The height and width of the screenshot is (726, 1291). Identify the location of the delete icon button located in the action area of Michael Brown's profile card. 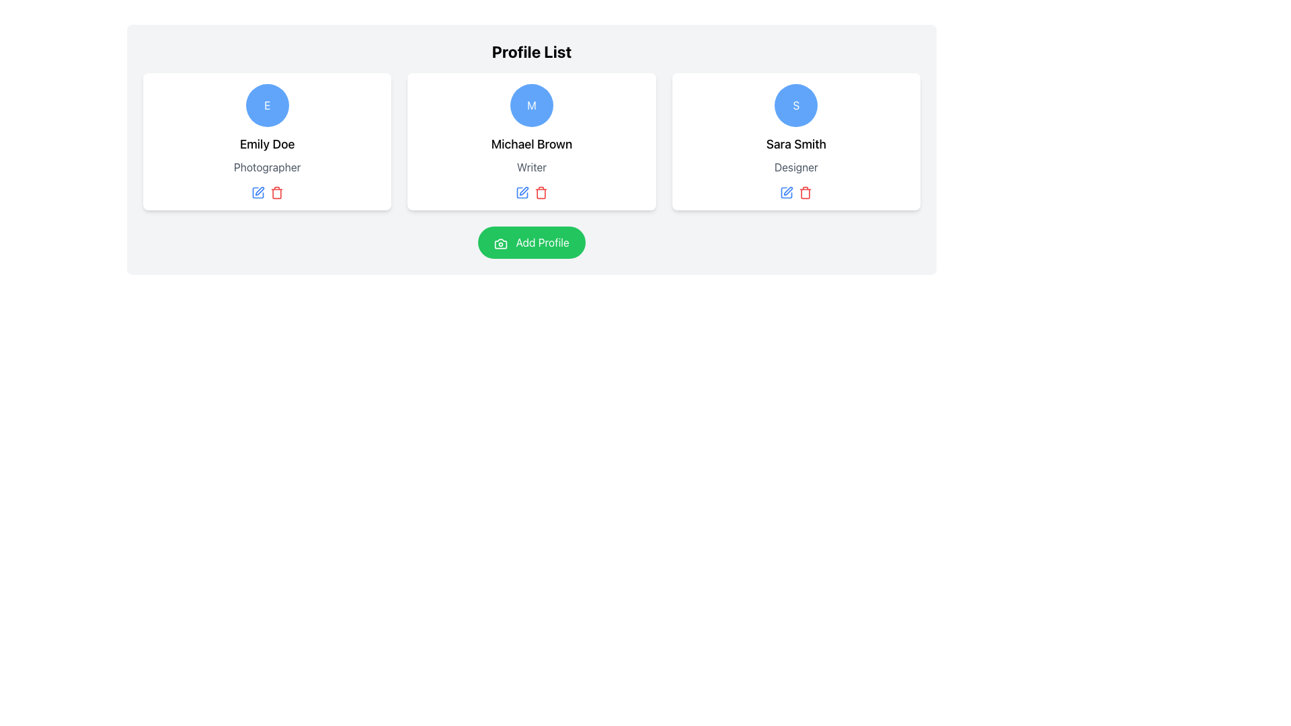
(541, 192).